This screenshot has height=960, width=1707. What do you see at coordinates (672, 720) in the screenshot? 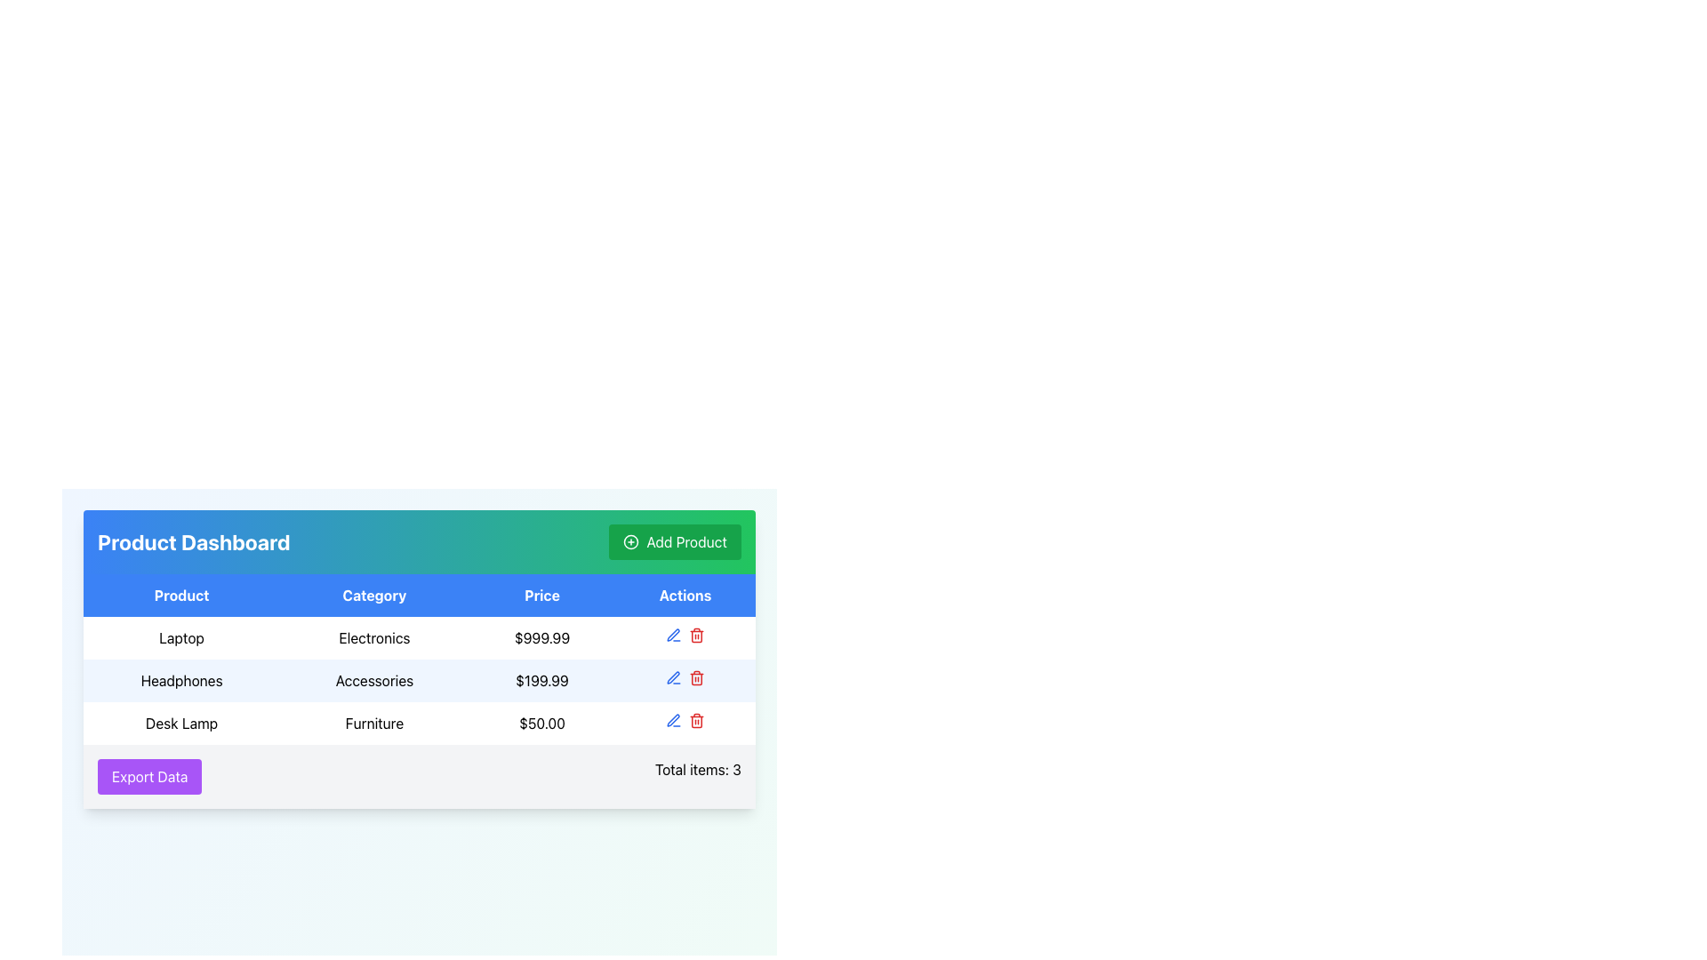
I see `the edit pen icon in the 'Actions' column of the third row in the table` at bounding box center [672, 720].